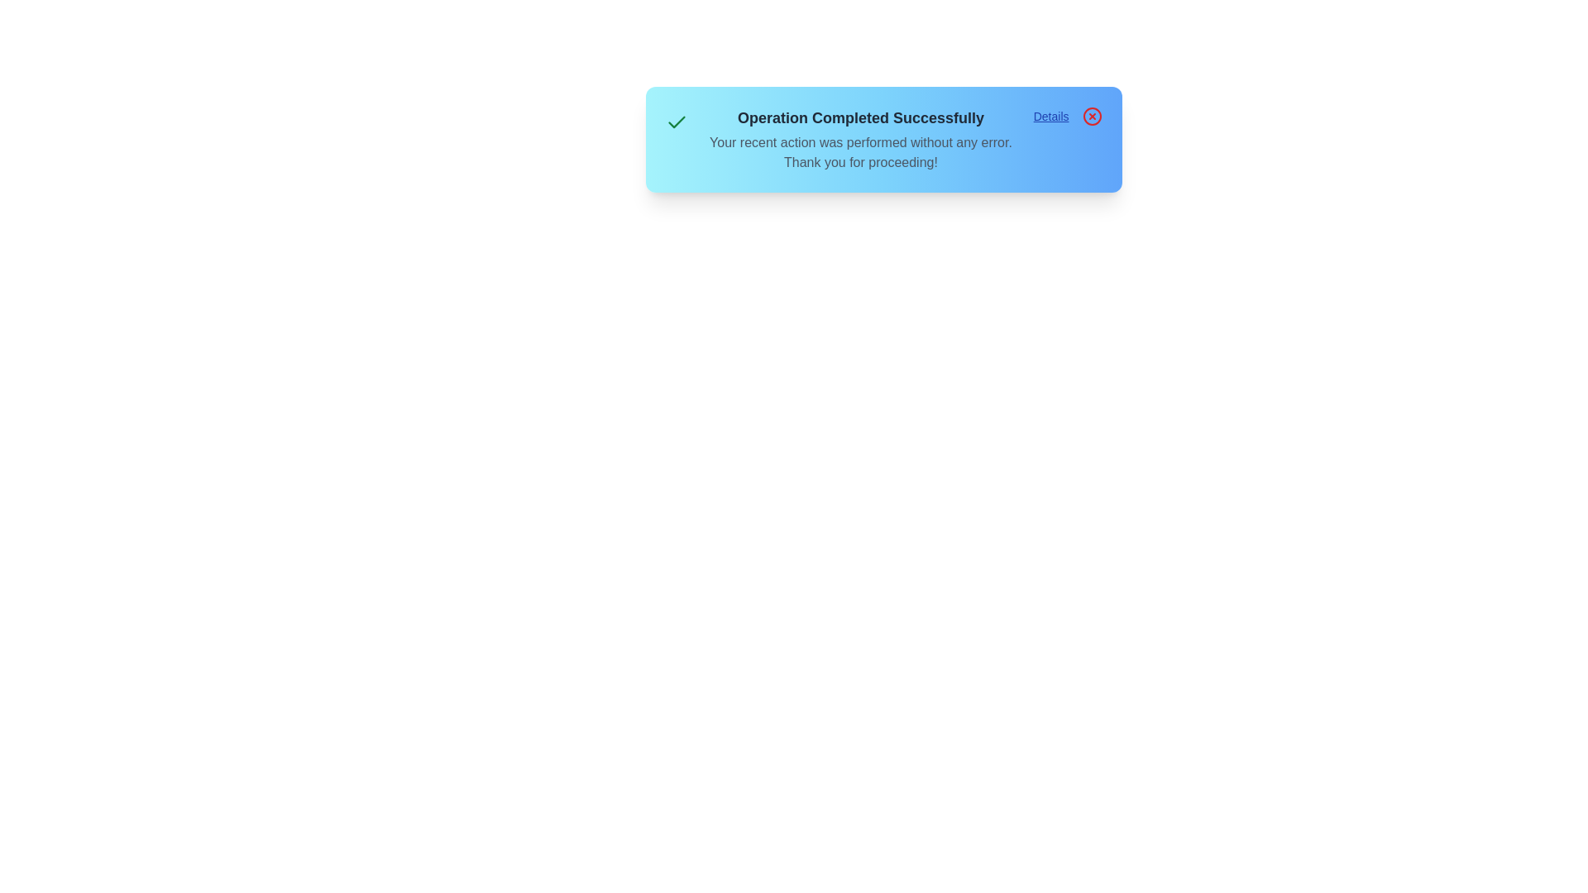  Describe the element at coordinates (1092, 116) in the screenshot. I see `the close button to dismiss the alert` at that location.